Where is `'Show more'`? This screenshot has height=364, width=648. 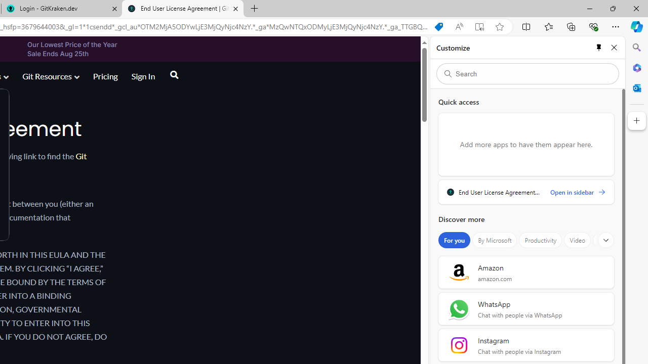
'Show more' is located at coordinates (606, 240).